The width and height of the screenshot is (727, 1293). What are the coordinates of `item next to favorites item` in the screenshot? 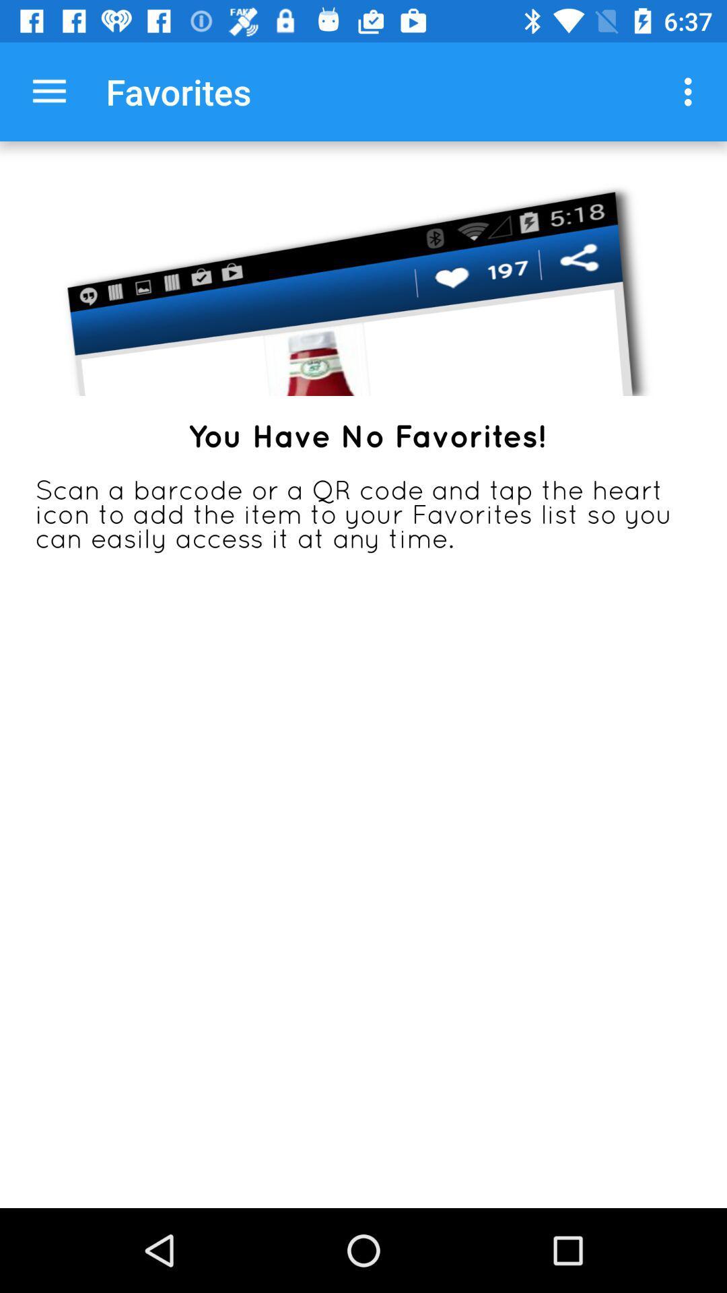 It's located at (691, 91).